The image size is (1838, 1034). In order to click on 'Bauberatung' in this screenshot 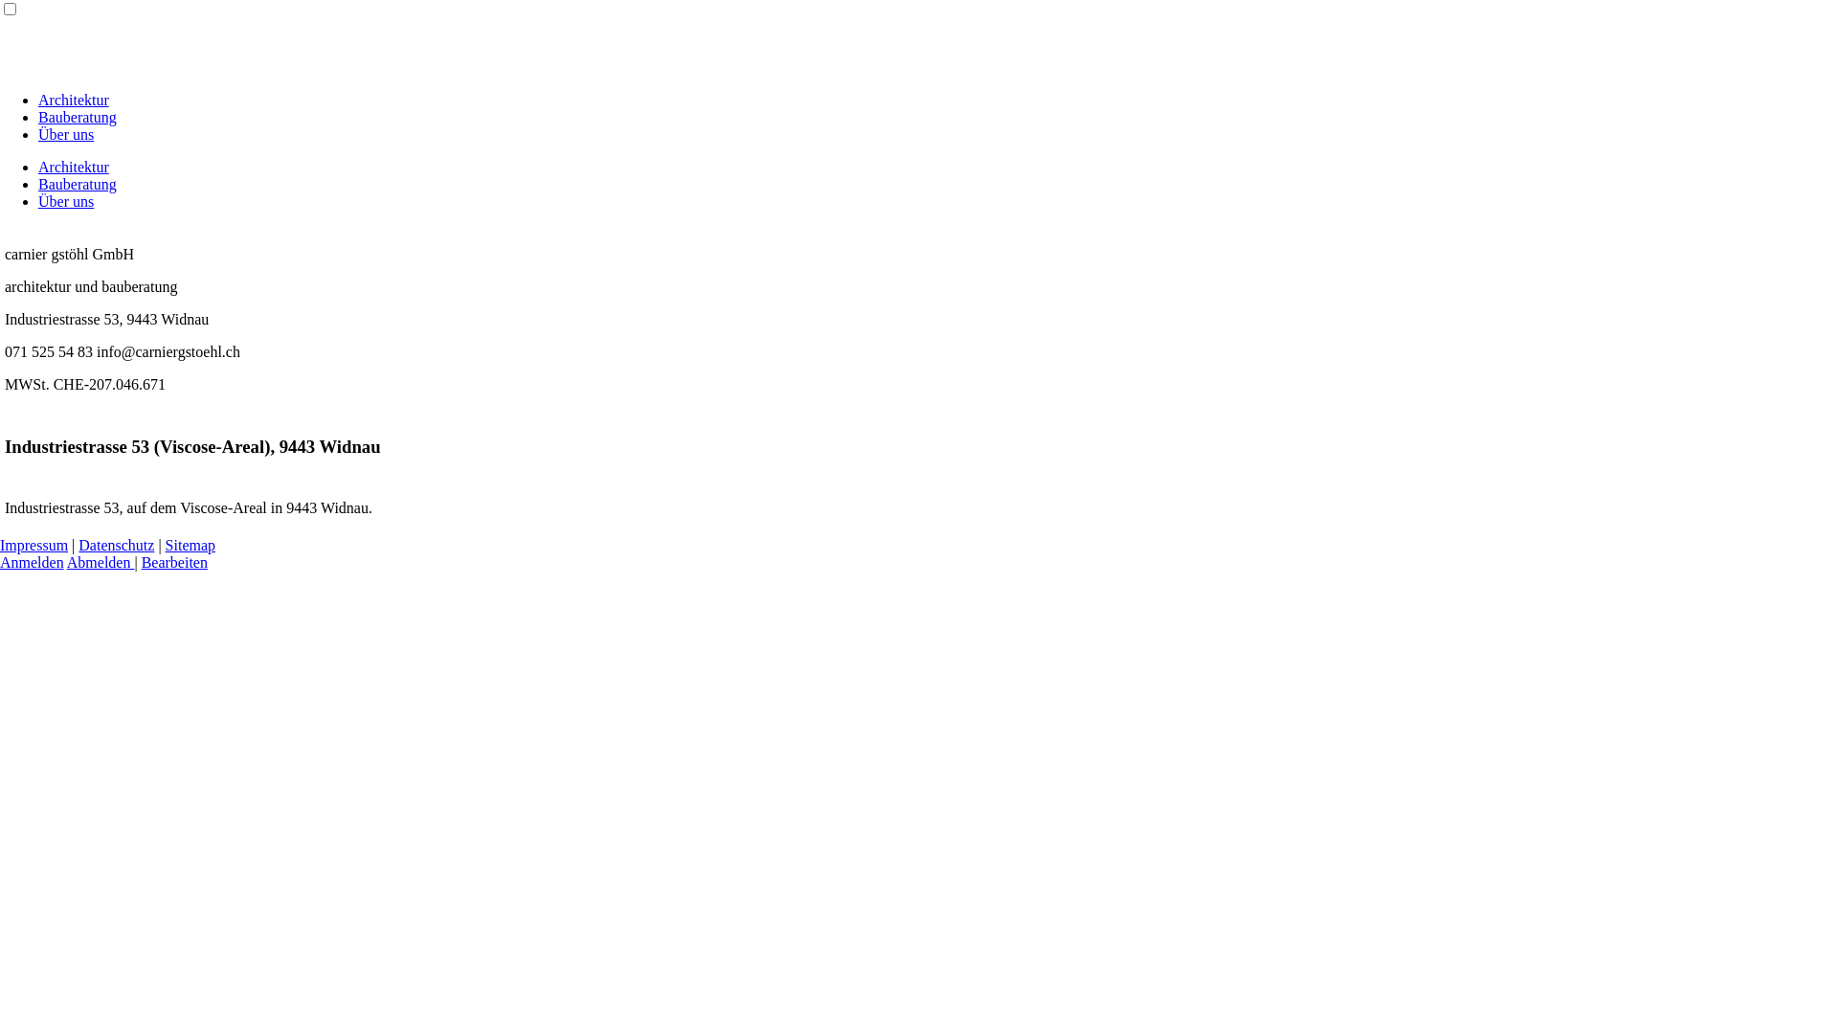, I will do `click(77, 117)`.